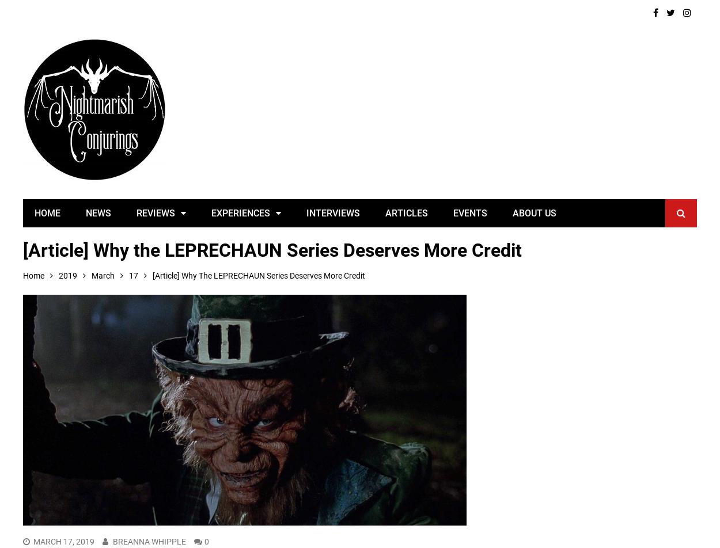 This screenshot has width=720, height=548. I want to click on 'March', so click(103, 276).